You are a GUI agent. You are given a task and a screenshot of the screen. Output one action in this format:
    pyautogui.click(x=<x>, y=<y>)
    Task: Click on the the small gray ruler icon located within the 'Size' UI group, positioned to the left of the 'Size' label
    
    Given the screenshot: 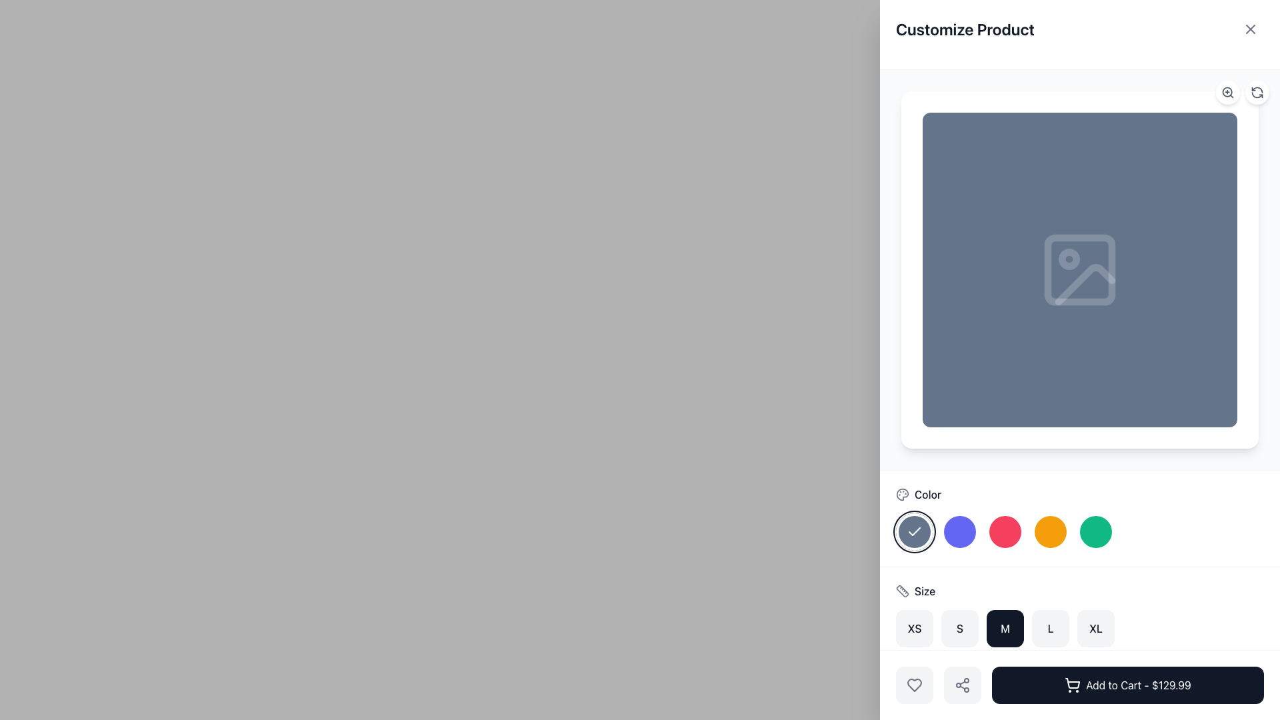 What is the action you would take?
    pyautogui.click(x=902, y=591)
    